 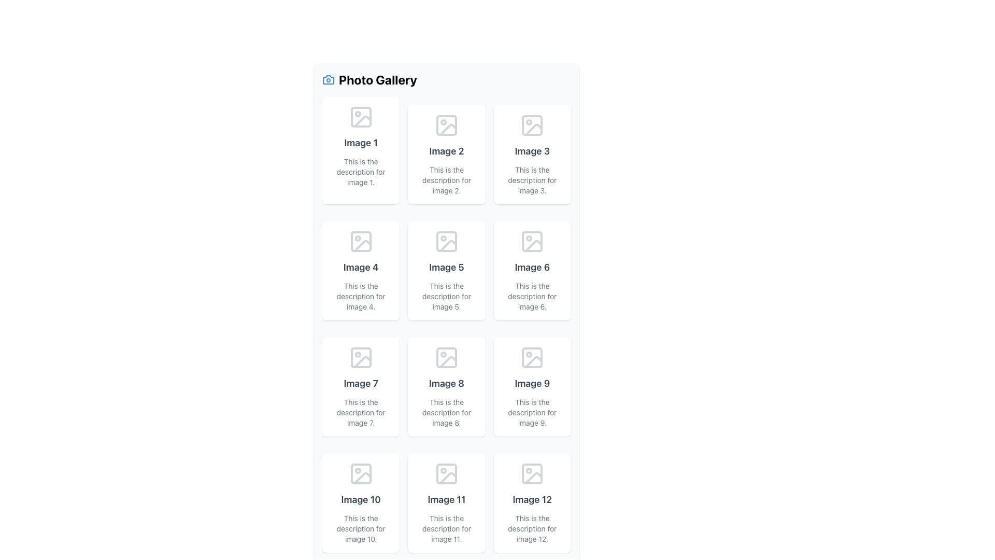 I want to click on the image icon located at the top-center of the 'Image 1' card, which serves as a visual placeholder for the card's content, so click(x=361, y=117).